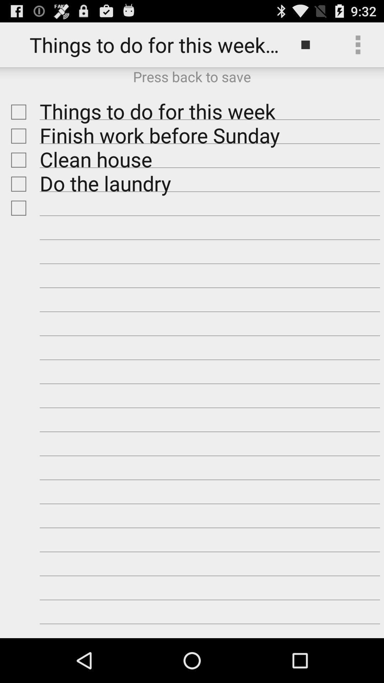 The image size is (384, 683). What do you see at coordinates (16, 184) in the screenshot?
I see `check the box` at bounding box center [16, 184].